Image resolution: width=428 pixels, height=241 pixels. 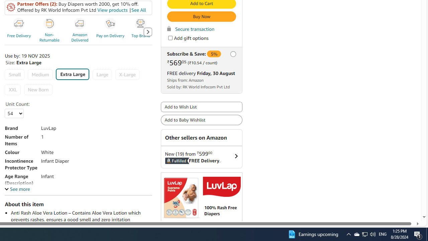 What do you see at coordinates (80, 31) in the screenshot?
I see `'Amazon Delivered'` at bounding box center [80, 31].